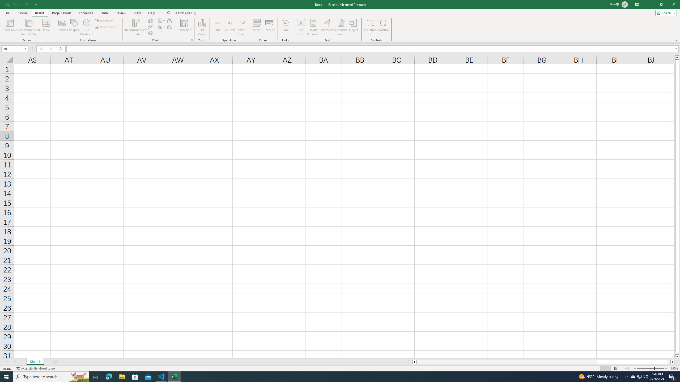  Describe the element at coordinates (202, 27) in the screenshot. I see `'3D Map'` at that location.